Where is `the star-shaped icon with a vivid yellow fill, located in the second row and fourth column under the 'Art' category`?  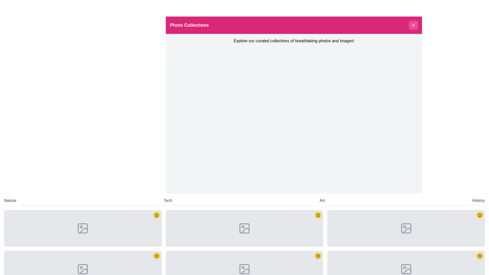
the star-shaped icon with a vivid yellow fill, located in the second row and fourth column under the 'Art' category is located at coordinates (318, 215).